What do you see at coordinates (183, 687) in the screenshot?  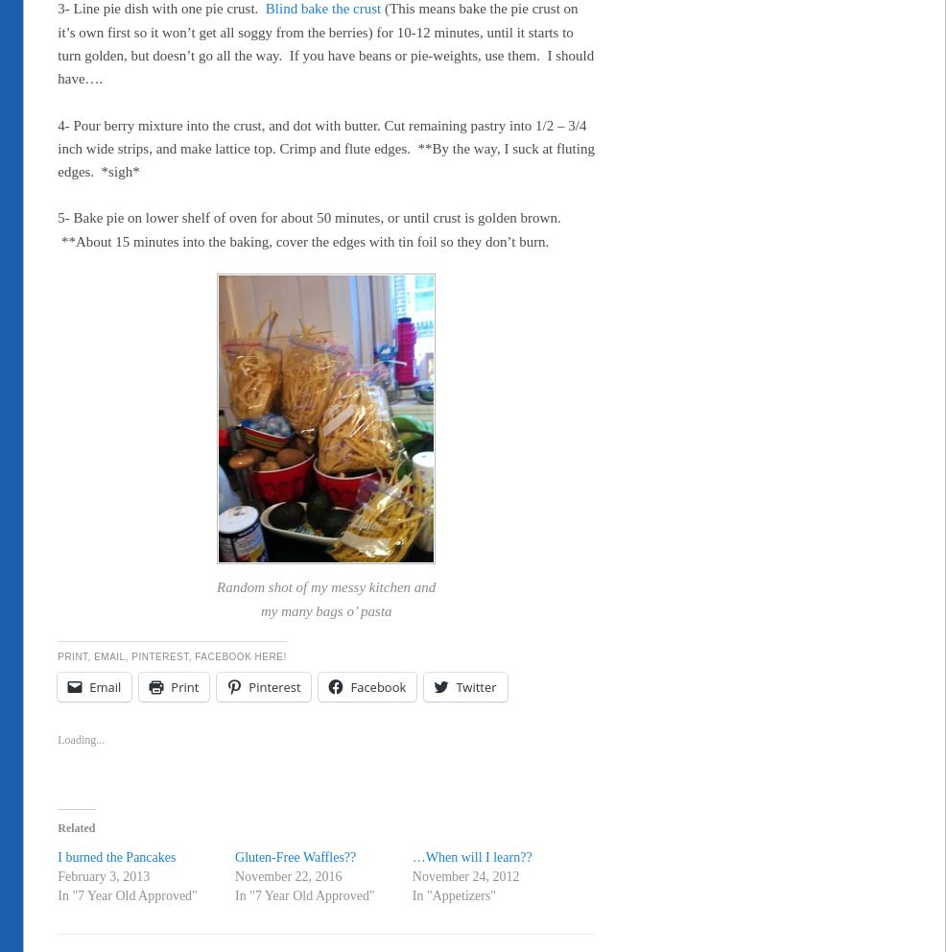 I see `'Print'` at bounding box center [183, 687].